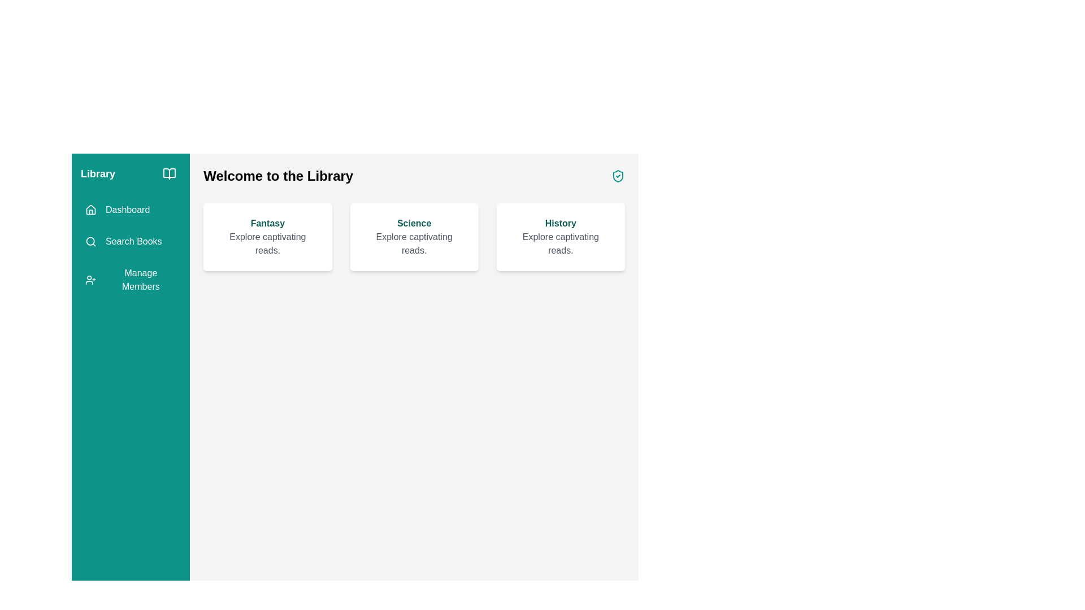  What do you see at coordinates (91, 241) in the screenshot?
I see `the search icon located to the left of the 'Search Books' text in the second entry of the vertical navigation menu on the left sidebar` at bounding box center [91, 241].